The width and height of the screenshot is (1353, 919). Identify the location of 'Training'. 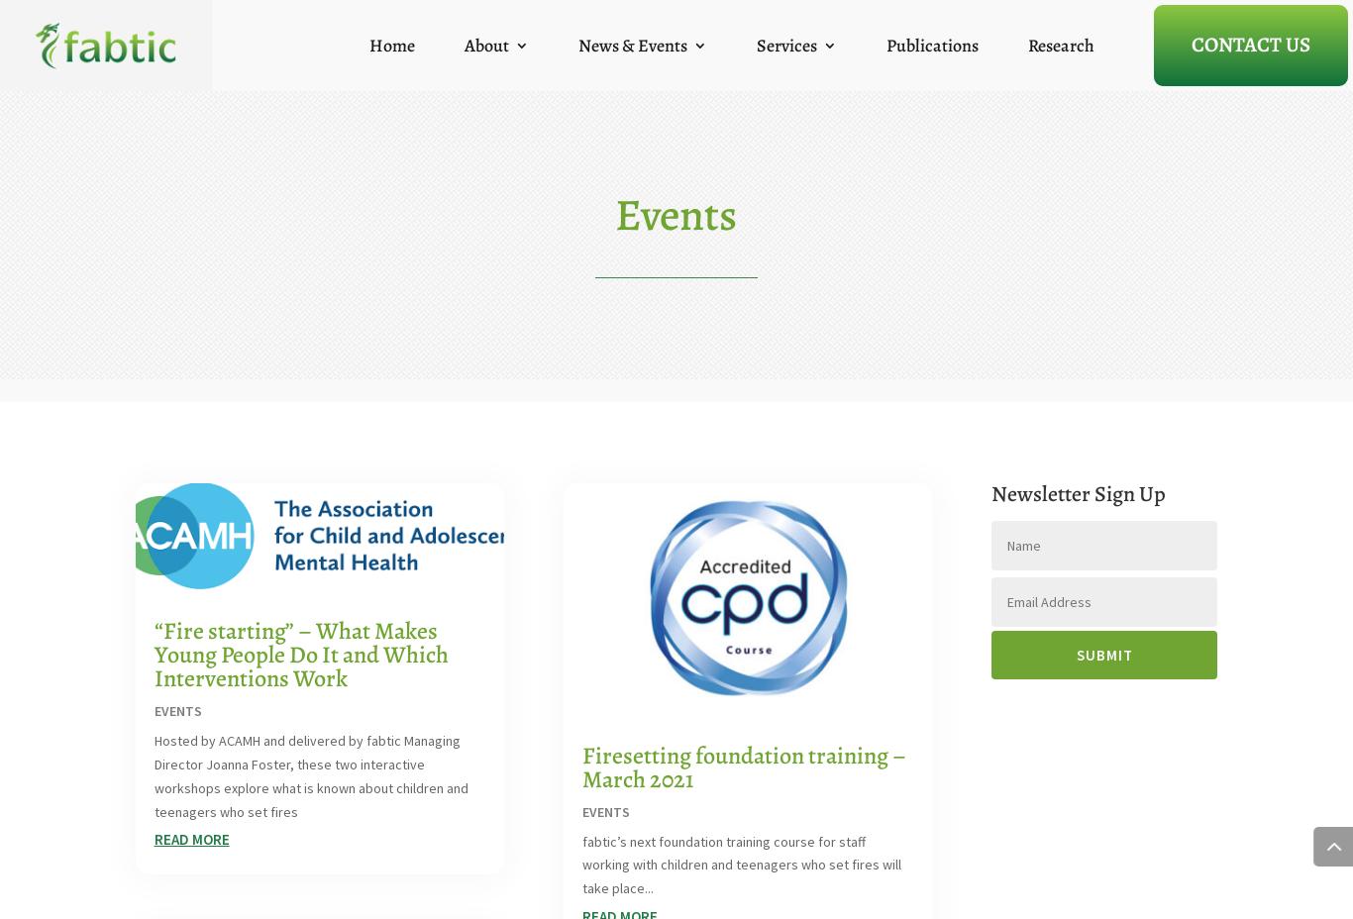
(783, 118).